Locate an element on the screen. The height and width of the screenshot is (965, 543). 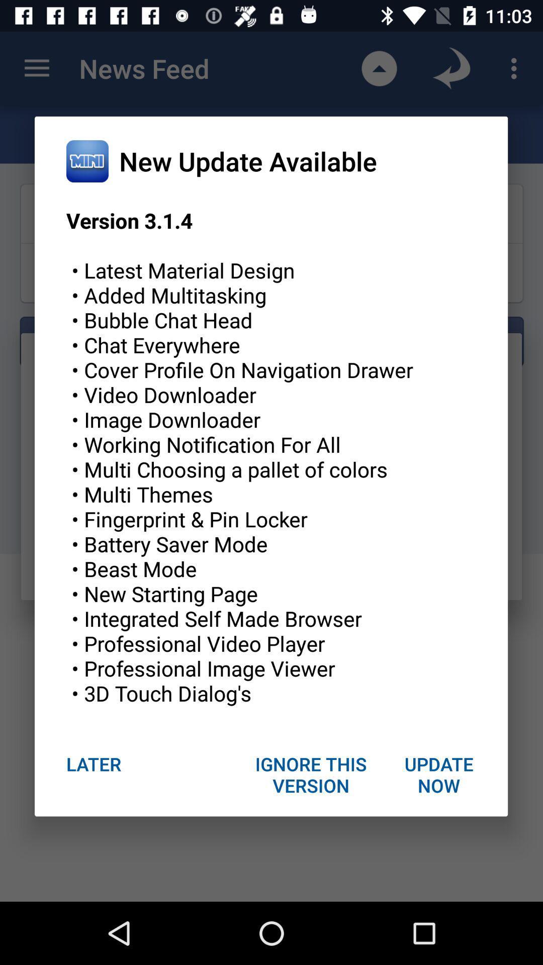
icon next to ignore this is located at coordinates (94, 764).